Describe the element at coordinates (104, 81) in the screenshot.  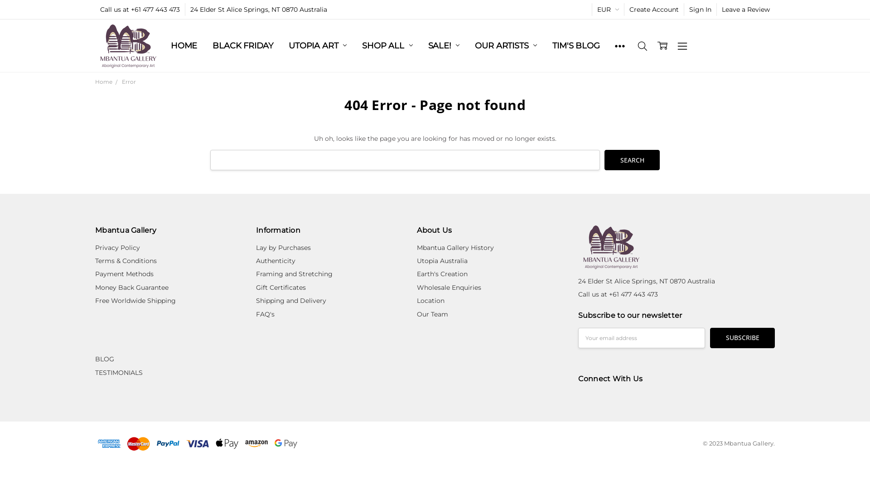
I see `'Home'` at that location.